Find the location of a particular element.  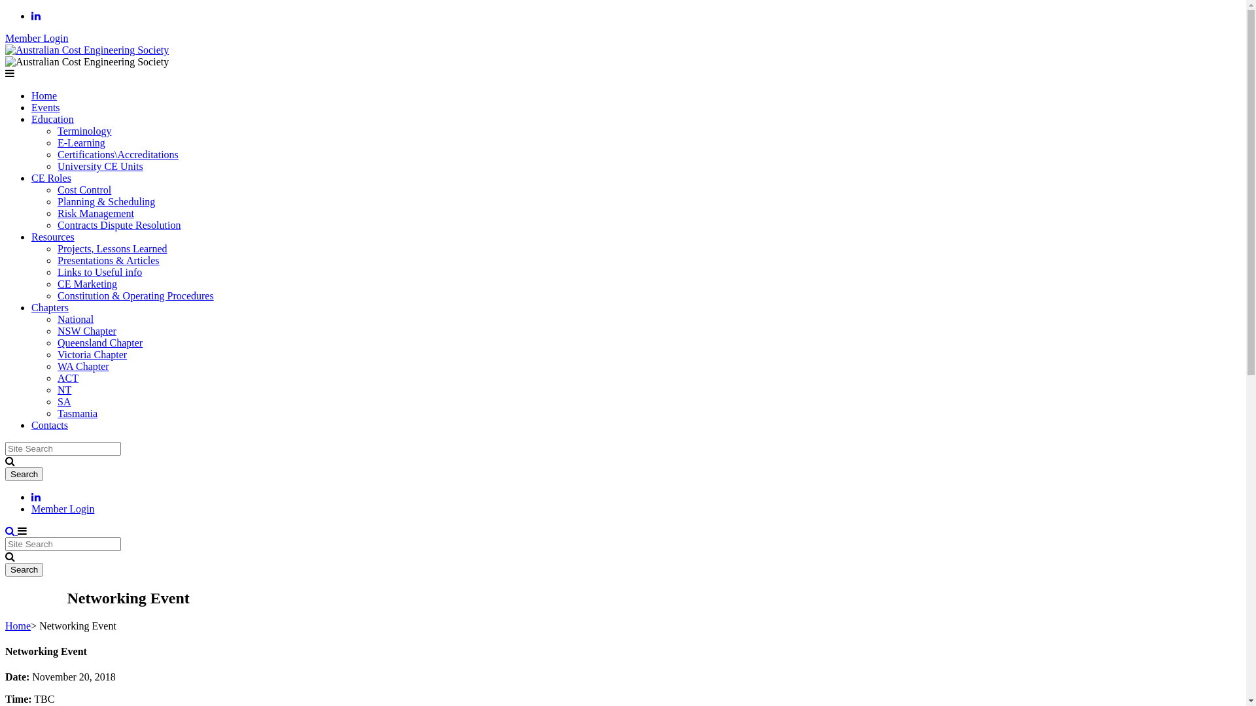

'Home' is located at coordinates (18, 625).